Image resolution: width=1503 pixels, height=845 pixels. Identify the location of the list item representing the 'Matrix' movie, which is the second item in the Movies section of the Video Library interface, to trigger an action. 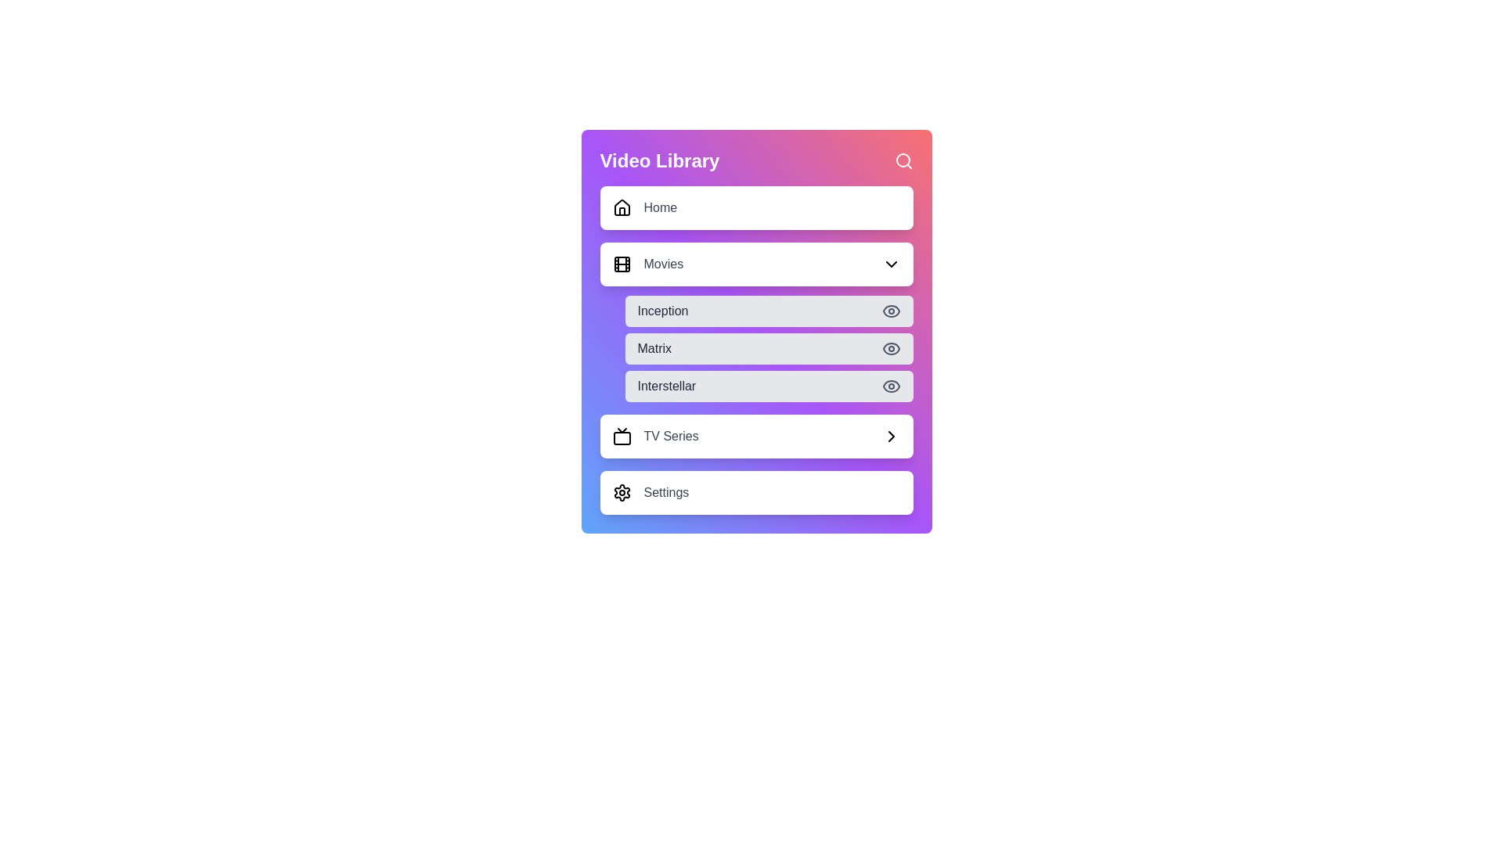
(756, 348).